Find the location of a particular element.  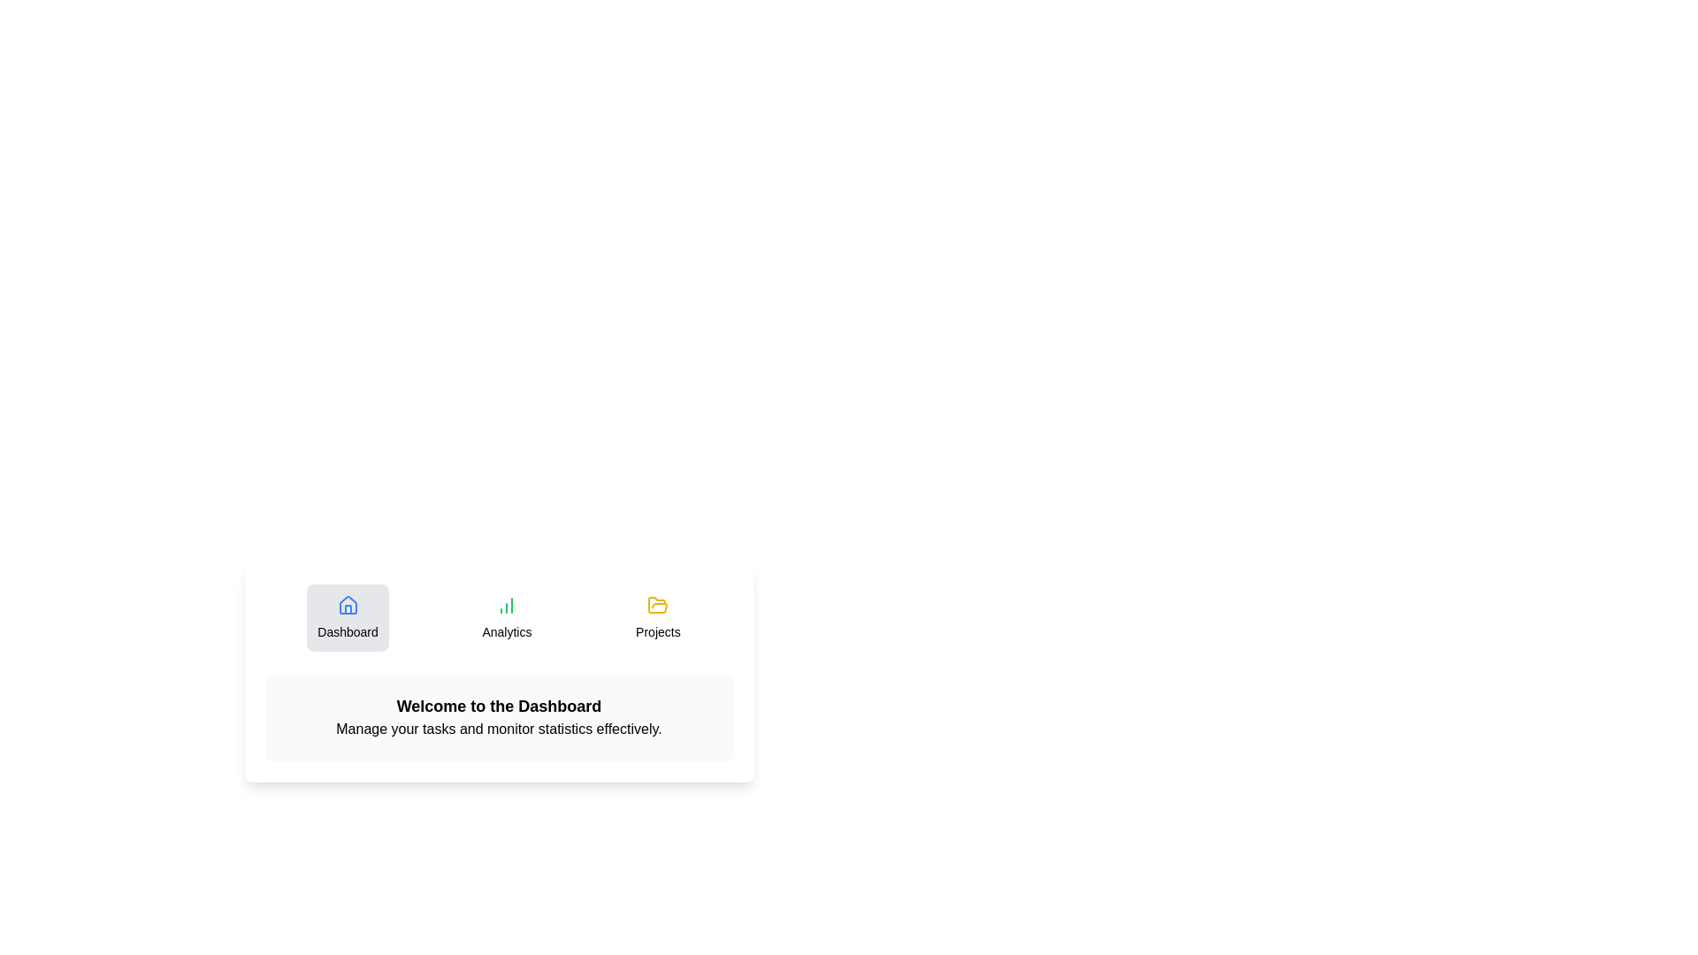

the Analytics tab to observe hover effects is located at coordinates (506, 616).